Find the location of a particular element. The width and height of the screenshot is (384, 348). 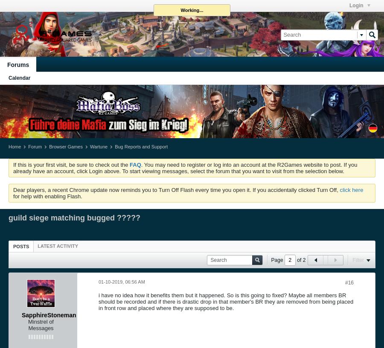

'i have no idea how it benefits them but it happened. So is this going to fixed? Maybe all members BR should be recorded and if there is drastic drop in that member's BR they are removed from being placed in front row and placed where they are supposed to be.' is located at coordinates (225, 301).